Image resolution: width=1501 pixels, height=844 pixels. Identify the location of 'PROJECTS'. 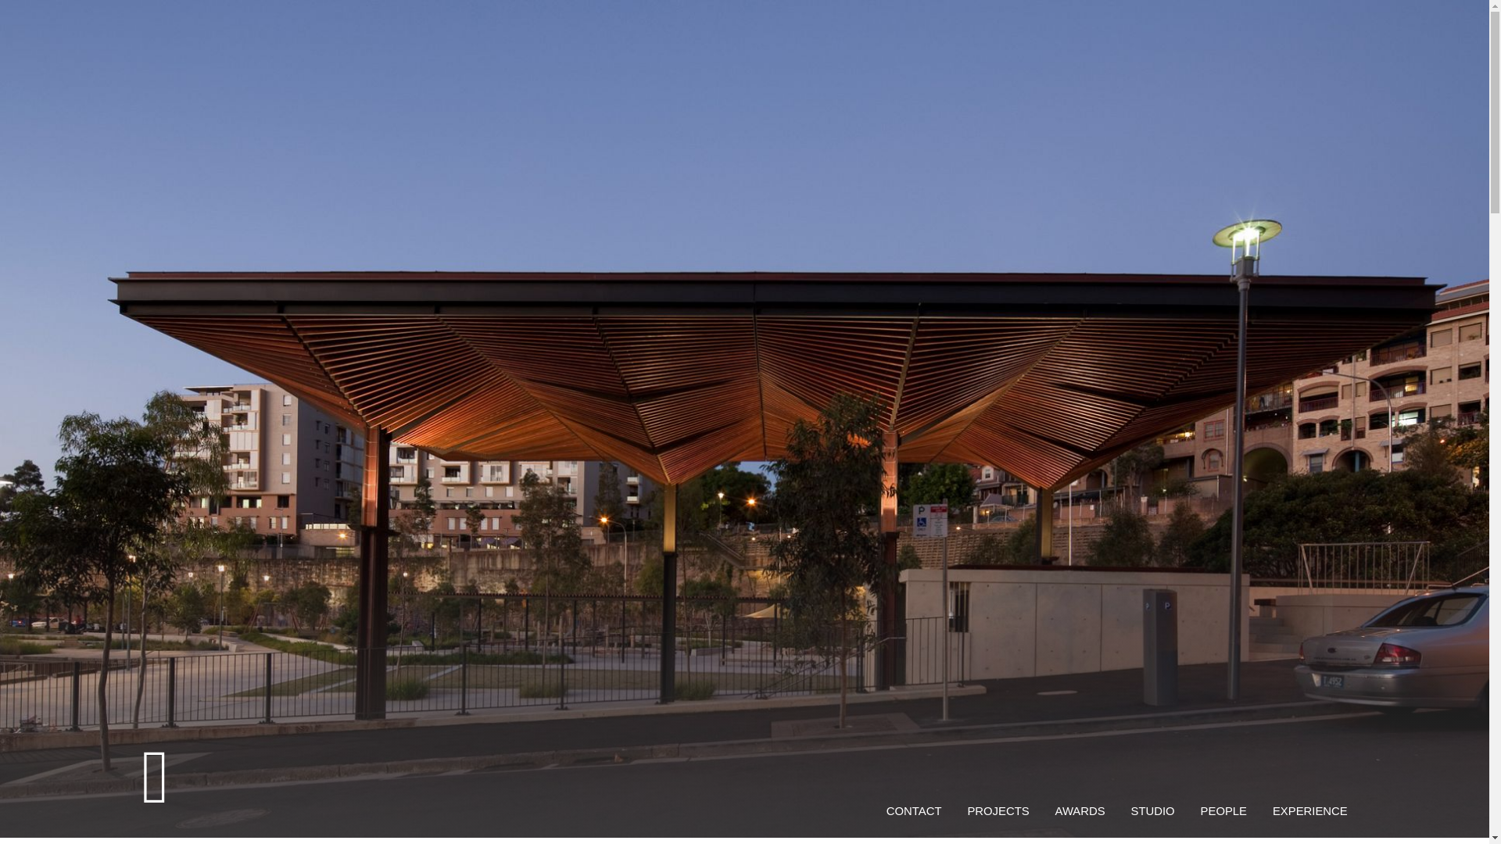
(997, 810).